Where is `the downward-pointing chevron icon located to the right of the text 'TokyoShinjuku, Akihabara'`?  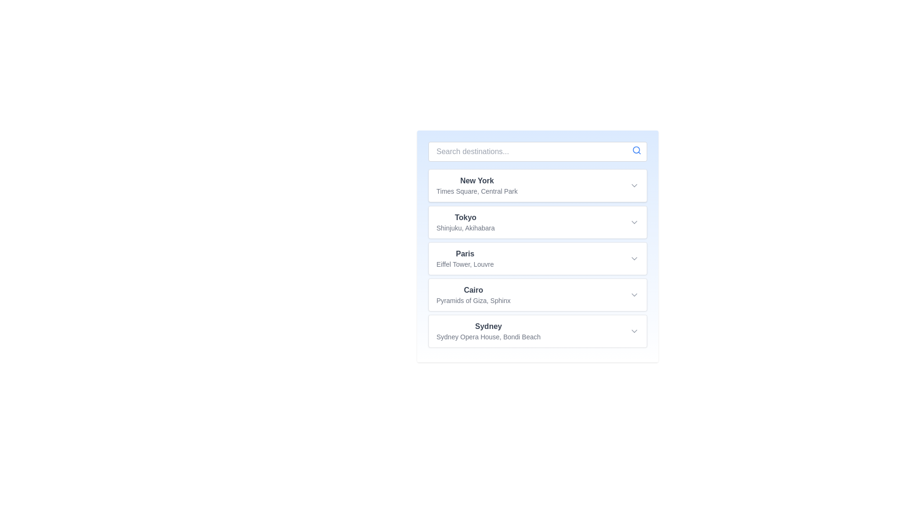 the downward-pointing chevron icon located to the right of the text 'TokyoShinjuku, Akihabara' is located at coordinates (634, 222).